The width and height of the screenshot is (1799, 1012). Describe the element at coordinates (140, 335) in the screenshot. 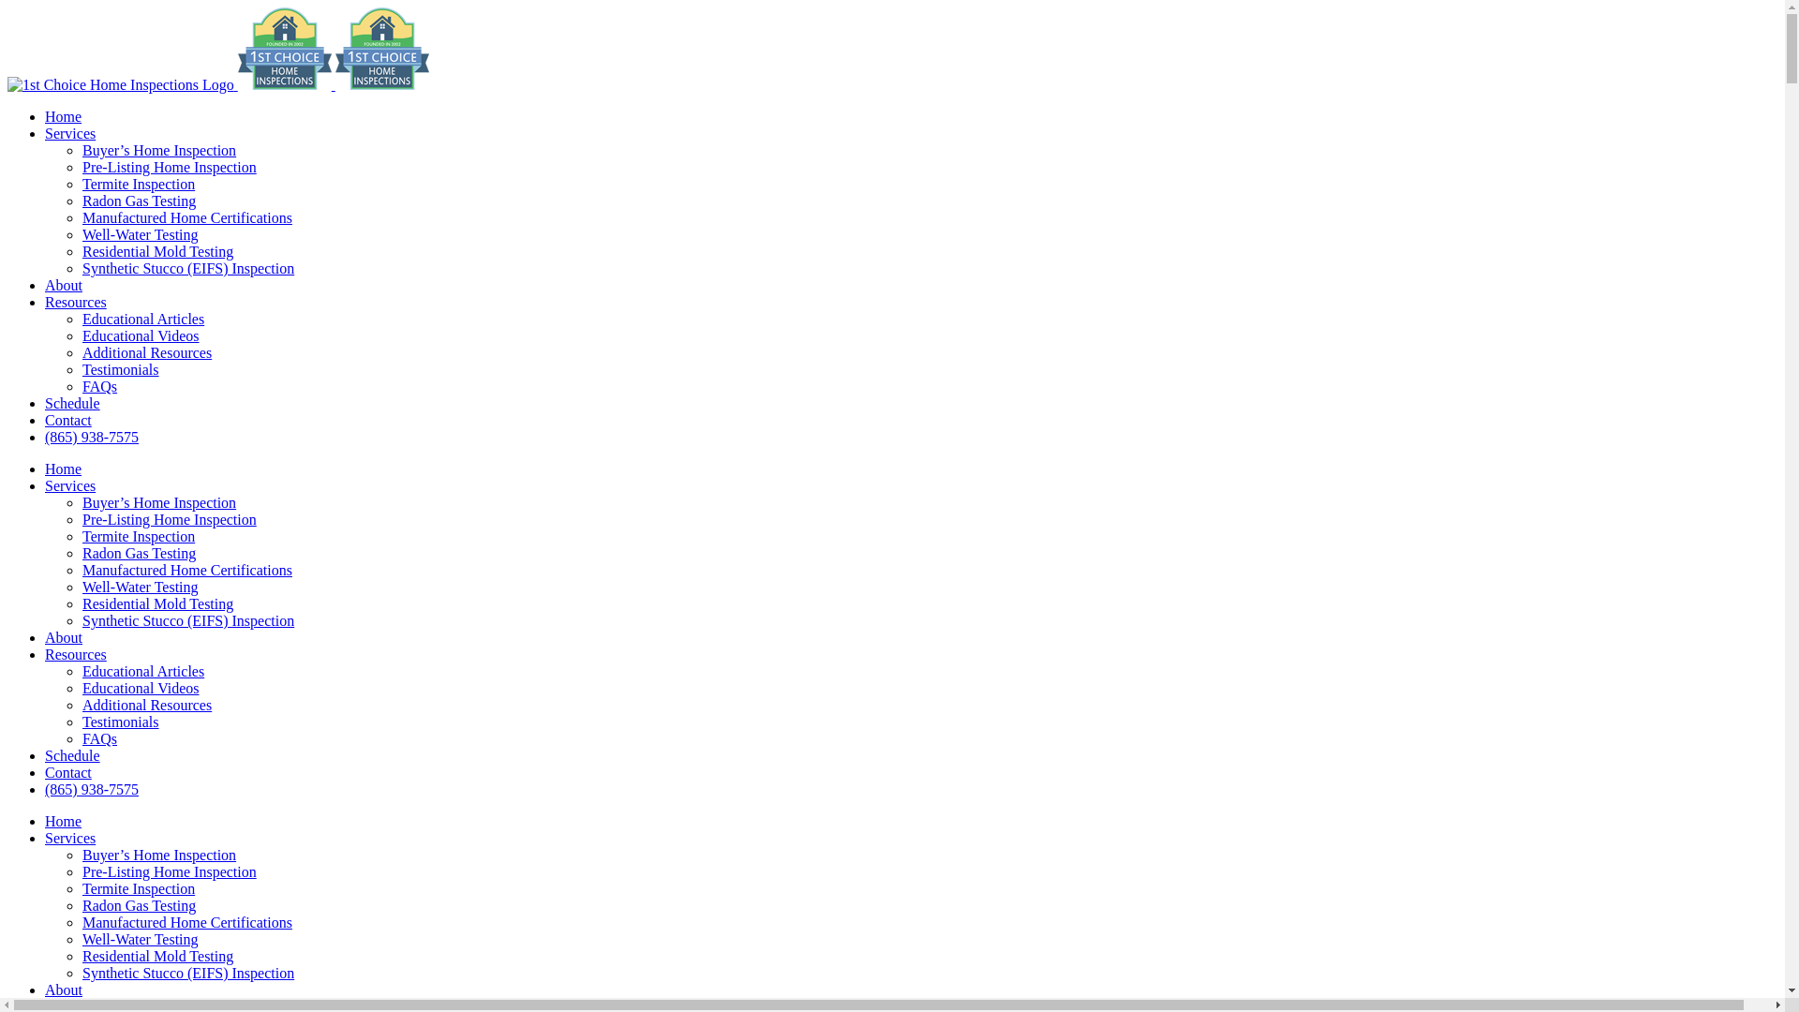

I see `'Educational Videos'` at that location.